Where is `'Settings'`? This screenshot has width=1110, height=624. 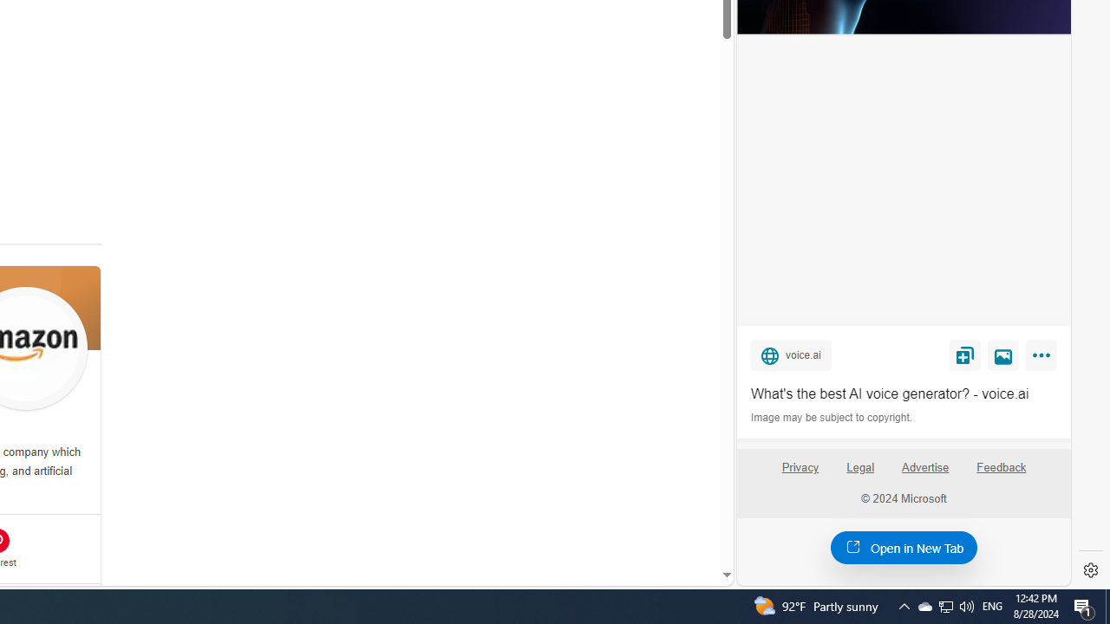 'Settings' is located at coordinates (1090, 570).